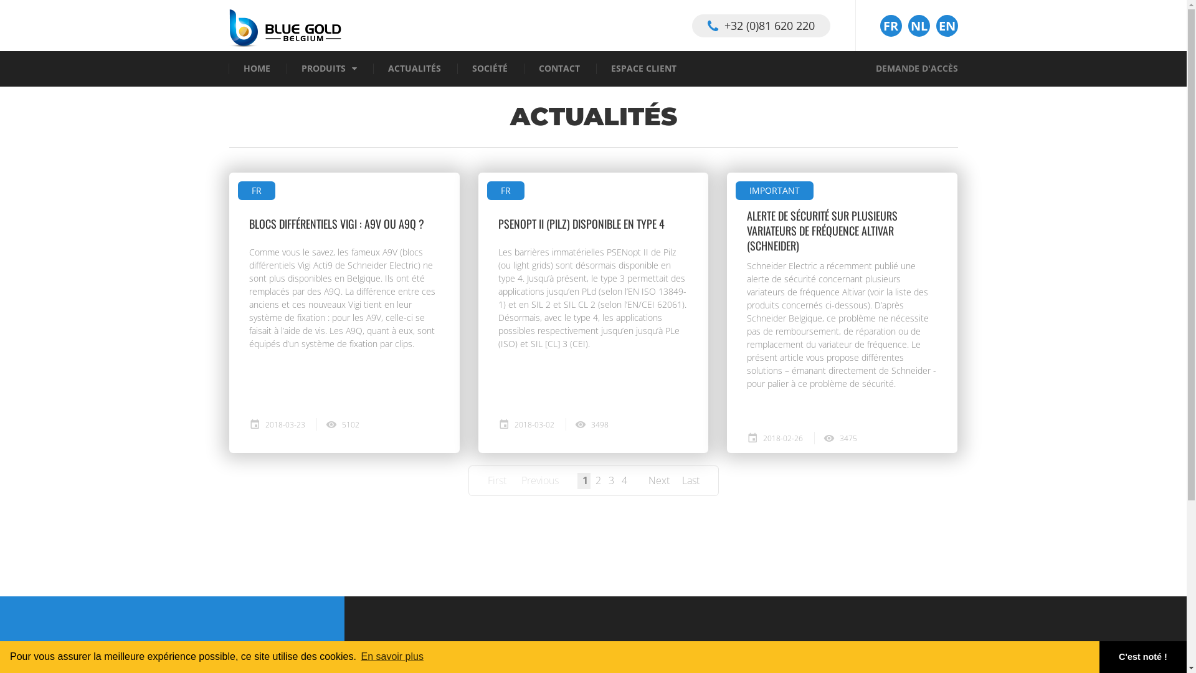 Image resolution: width=1196 pixels, height=673 pixels. Describe the element at coordinates (255, 69) in the screenshot. I see `'HOME'` at that location.